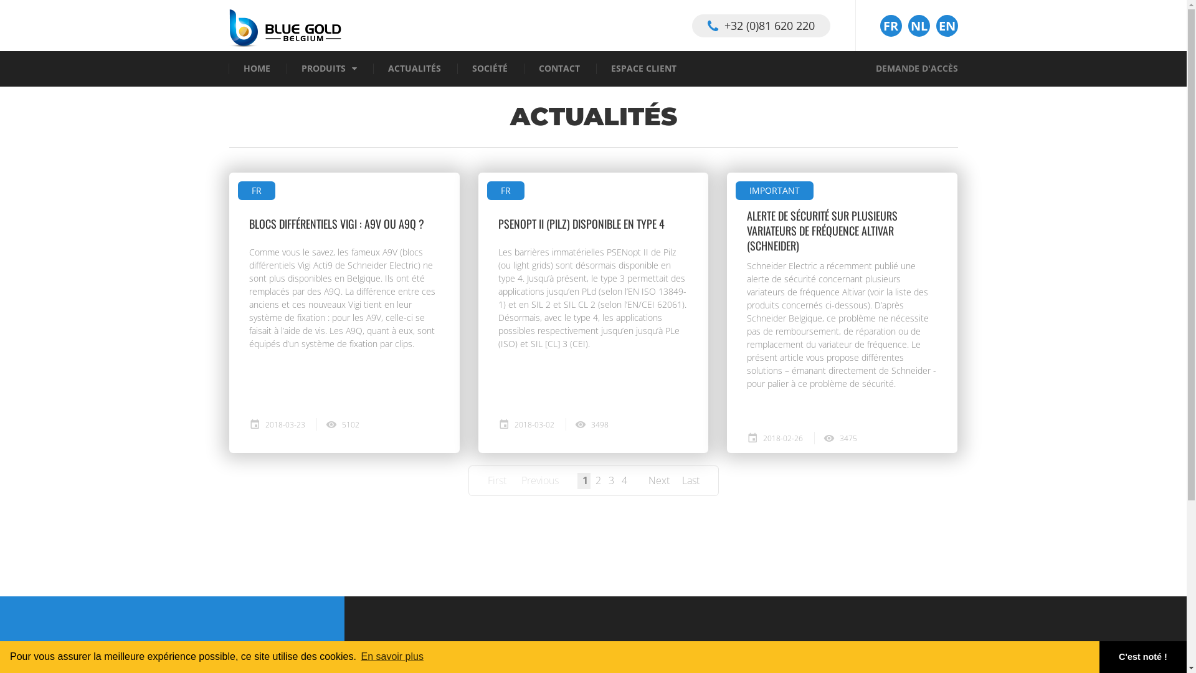 Image resolution: width=1196 pixels, height=673 pixels. Describe the element at coordinates (255, 69) in the screenshot. I see `'HOME'` at that location.